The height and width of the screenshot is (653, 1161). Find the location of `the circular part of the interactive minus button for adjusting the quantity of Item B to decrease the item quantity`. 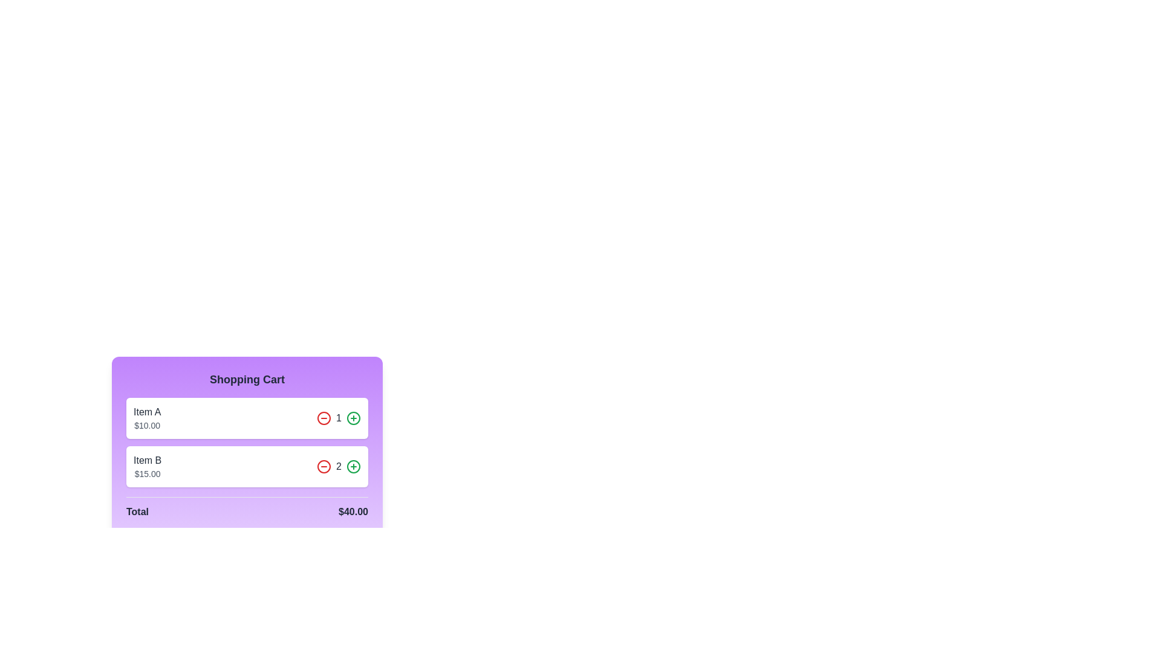

the circular part of the interactive minus button for adjusting the quantity of Item B to decrease the item quantity is located at coordinates (324, 466).